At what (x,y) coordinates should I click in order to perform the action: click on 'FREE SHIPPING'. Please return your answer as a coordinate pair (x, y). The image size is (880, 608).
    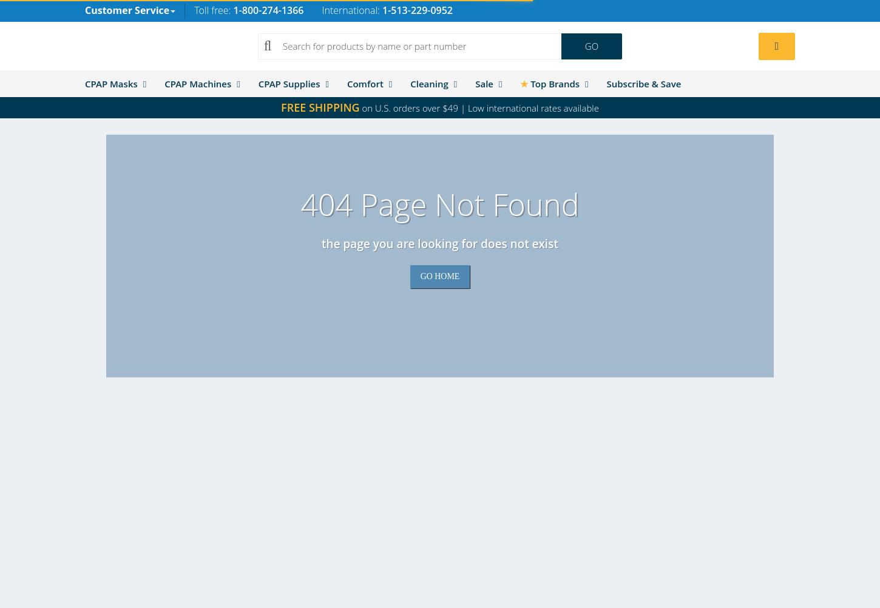
    Looking at the image, I should click on (320, 106).